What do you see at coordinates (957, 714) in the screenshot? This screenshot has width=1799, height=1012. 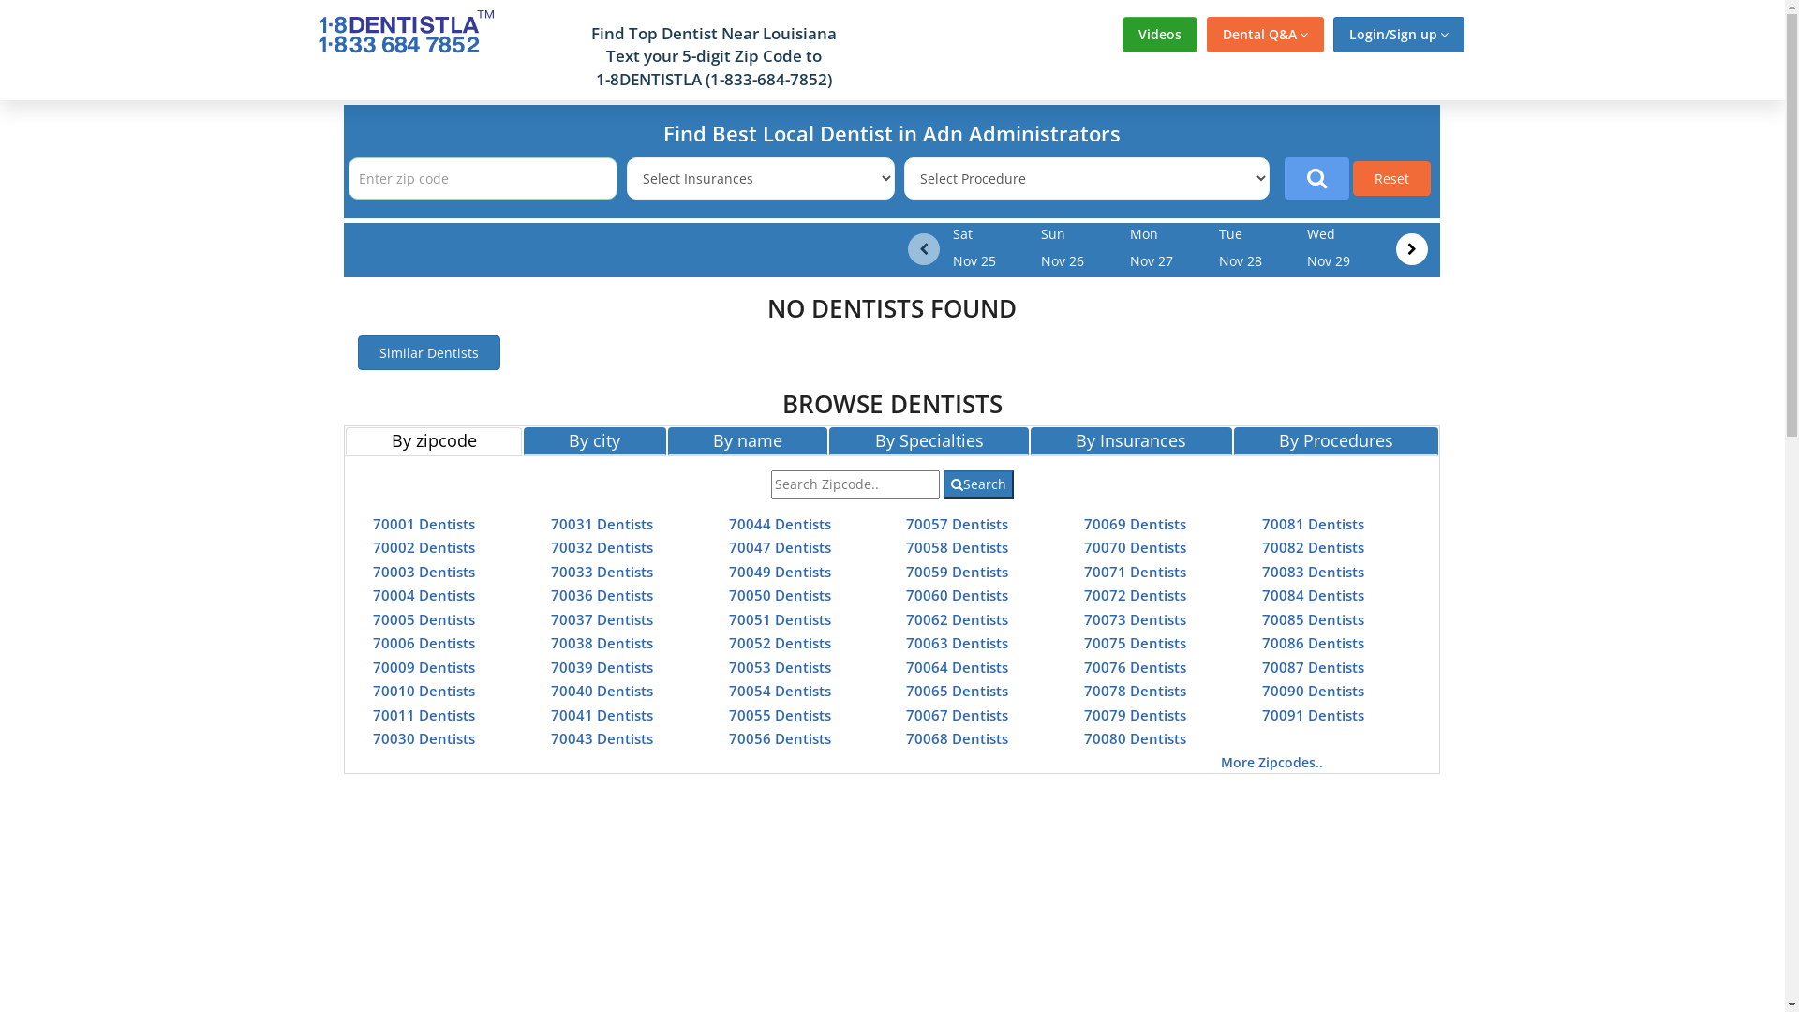 I see `'70067 Dentists'` at bounding box center [957, 714].